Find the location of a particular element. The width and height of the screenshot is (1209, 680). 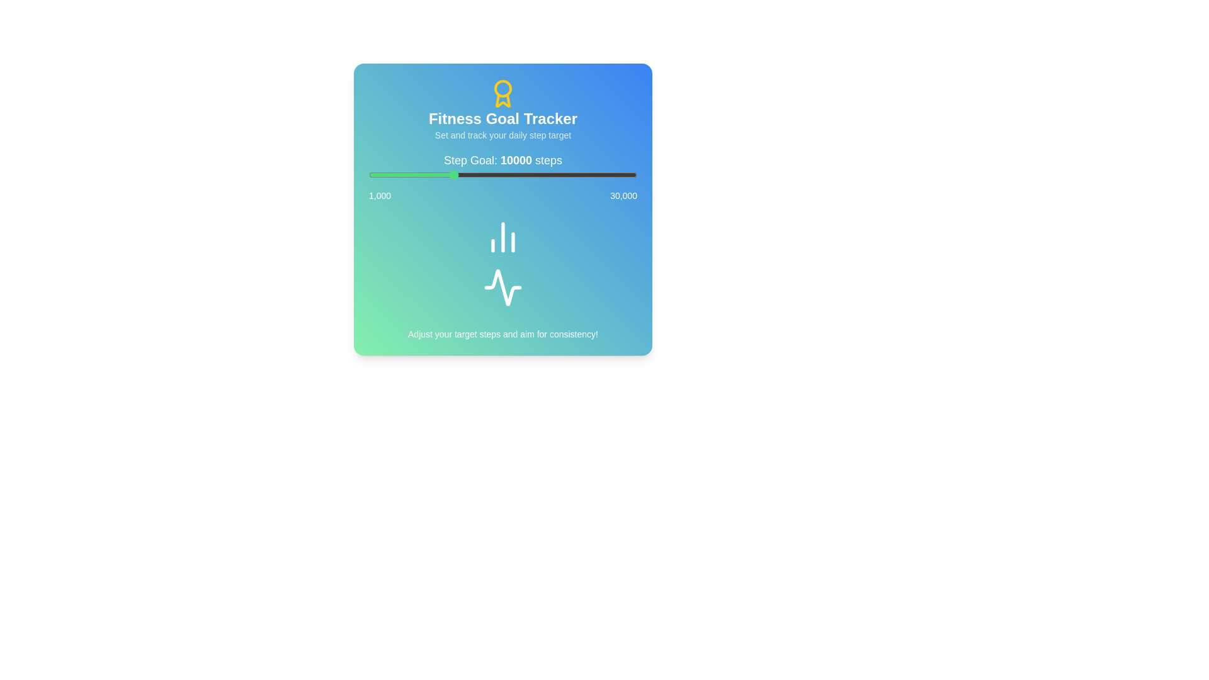

the step goal to 3745 steps using the slider is located at coordinates (394, 174).